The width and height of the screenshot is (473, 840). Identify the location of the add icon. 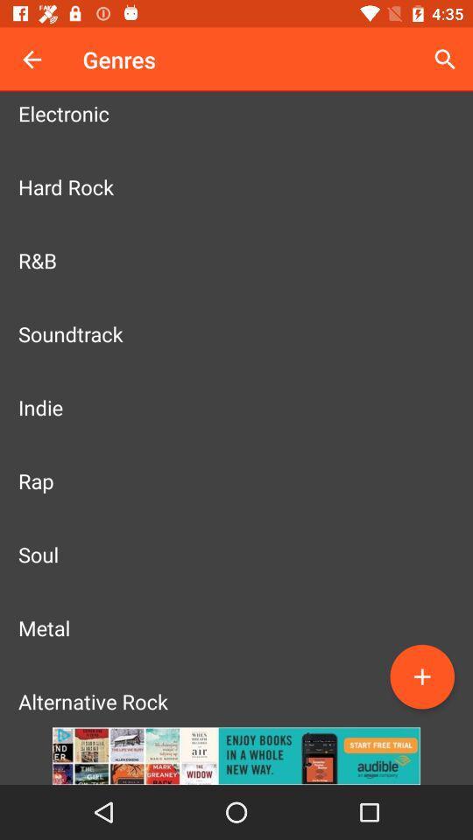
(421, 675).